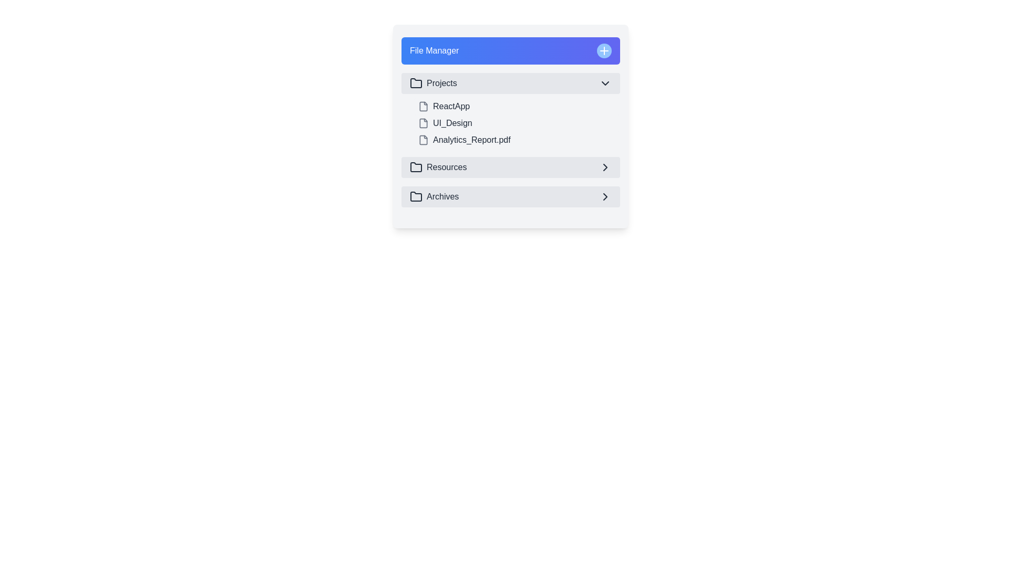 The image size is (1009, 567). I want to click on the 'UI_Design' text label, so click(452, 123).